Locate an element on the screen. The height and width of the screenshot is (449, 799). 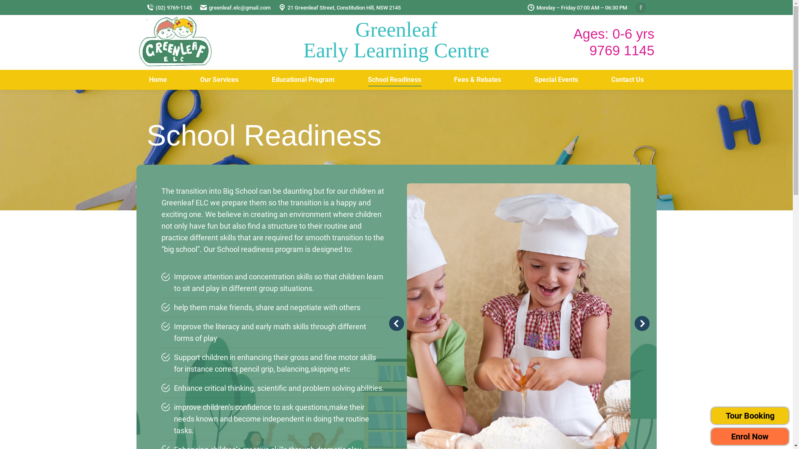
'Tour Booking' is located at coordinates (710, 415).